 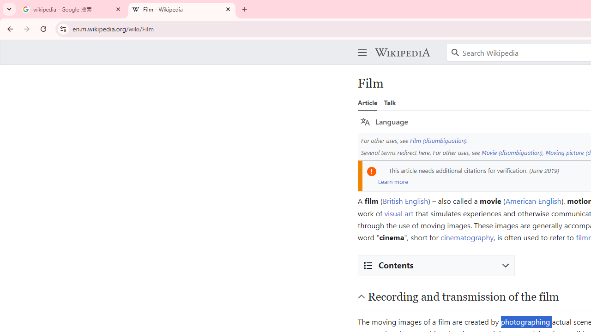 What do you see at coordinates (182, 9) in the screenshot?
I see `'Film - Wikipedia'` at bounding box center [182, 9].